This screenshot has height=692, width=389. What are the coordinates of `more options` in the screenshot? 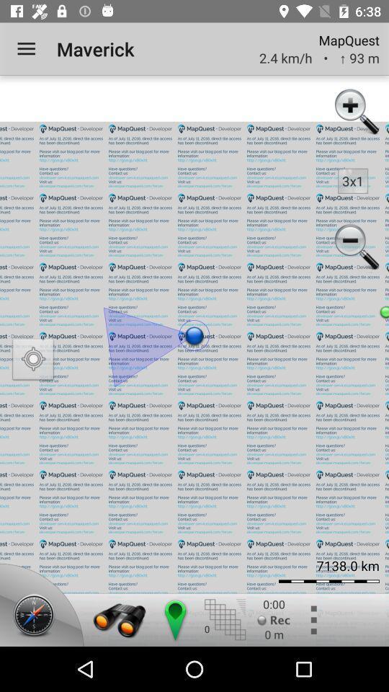 It's located at (312, 619).